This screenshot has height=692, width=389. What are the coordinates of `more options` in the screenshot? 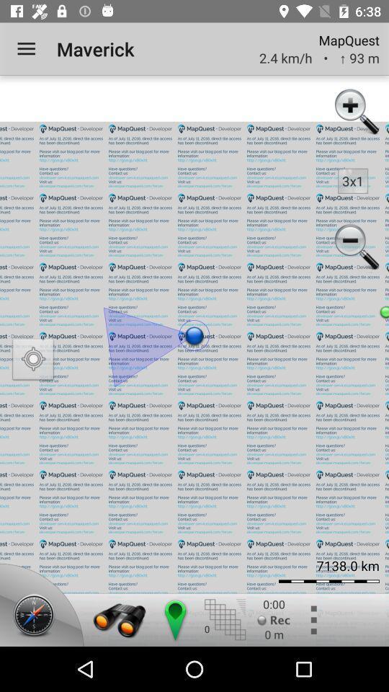 It's located at (312, 619).